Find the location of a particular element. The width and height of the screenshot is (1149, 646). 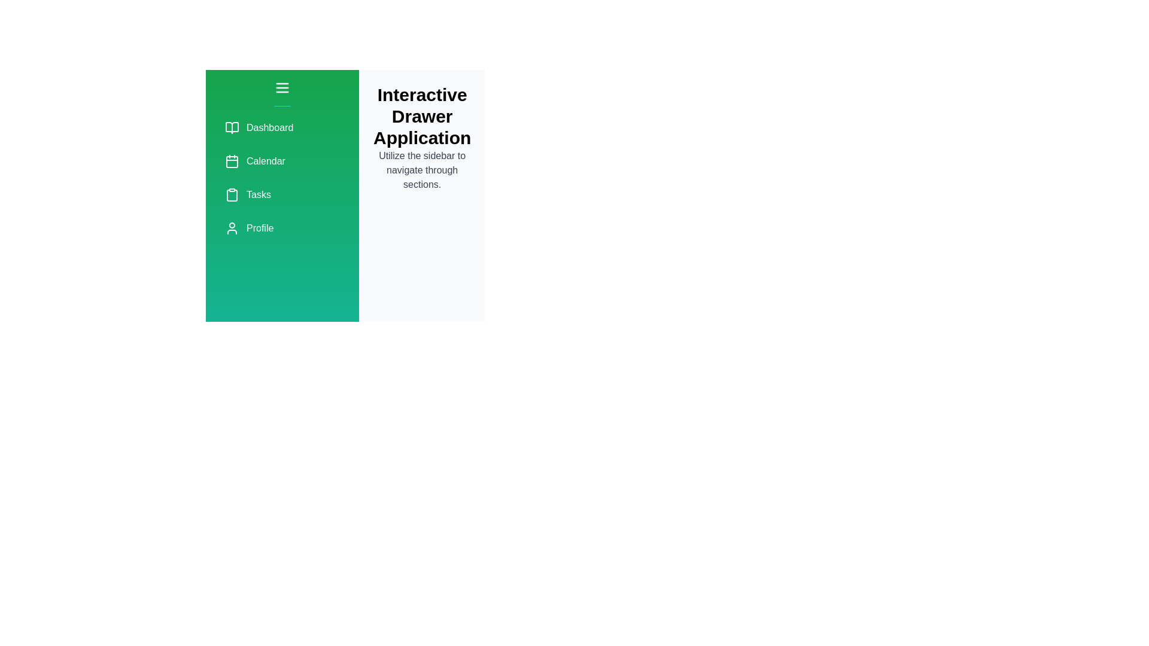

the menu item labeled Tasks to preview its description is located at coordinates (281, 194).